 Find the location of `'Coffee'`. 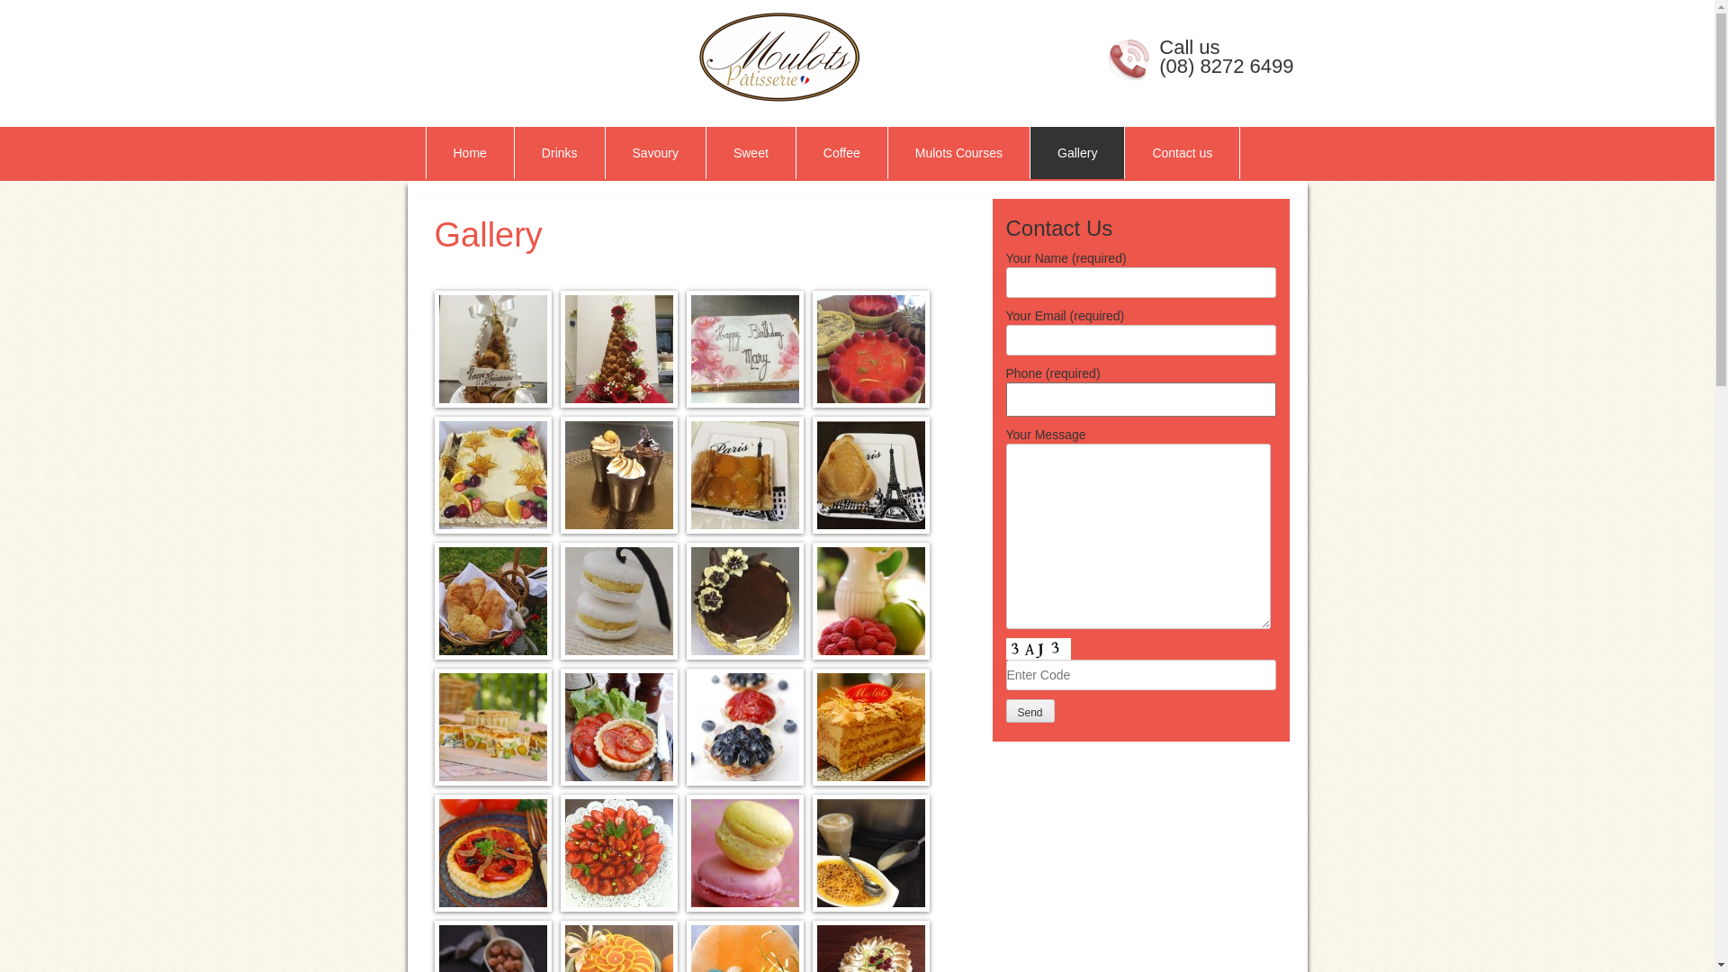

'Coffee' is located at coordinates (841, 151).